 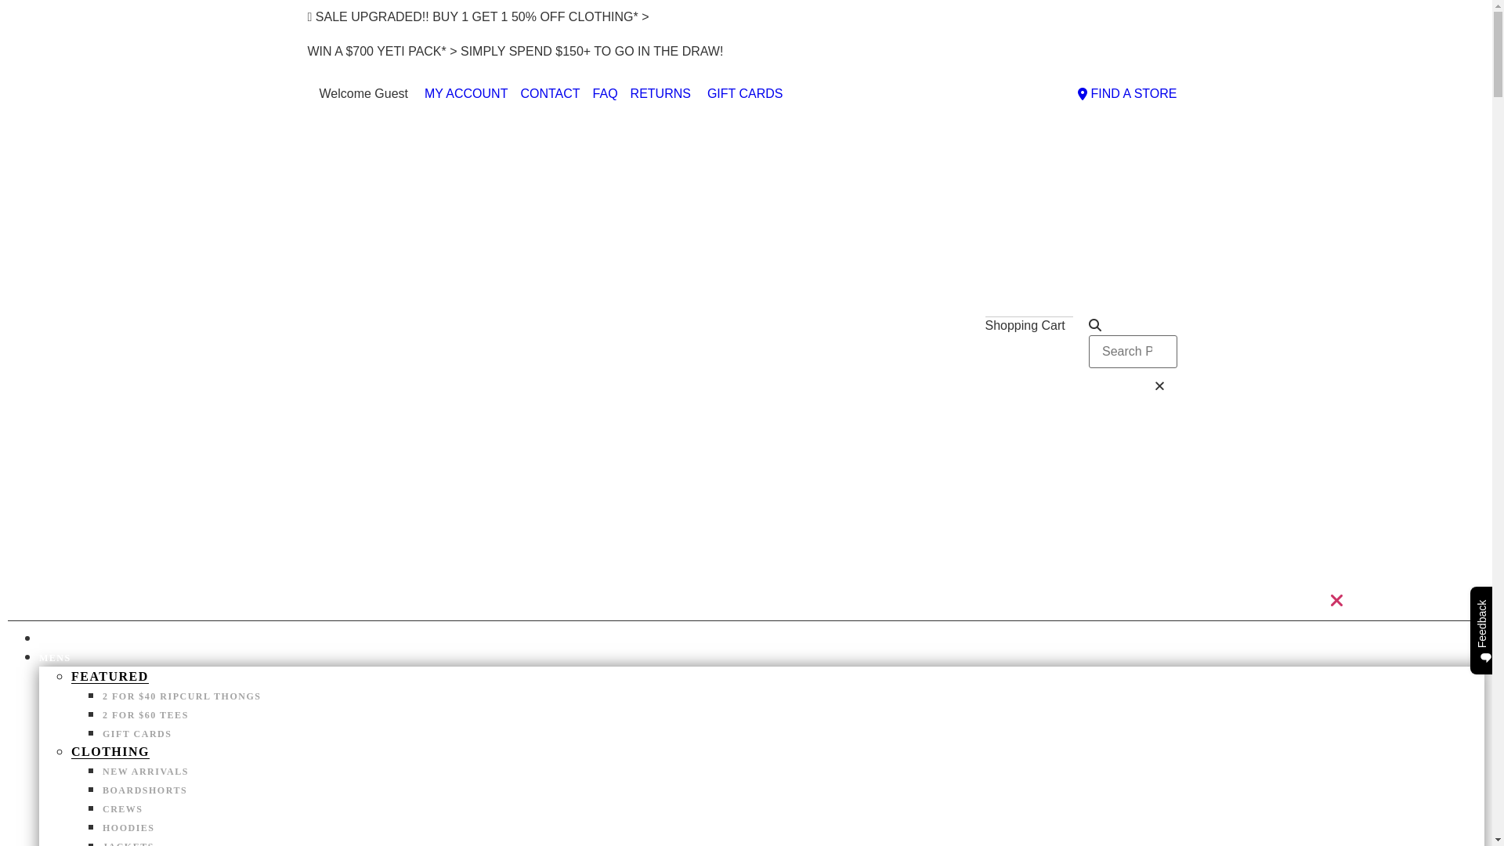 I want to click on '2 FOR $40 RIPCURL THONGS', so click(x=181, y=695).